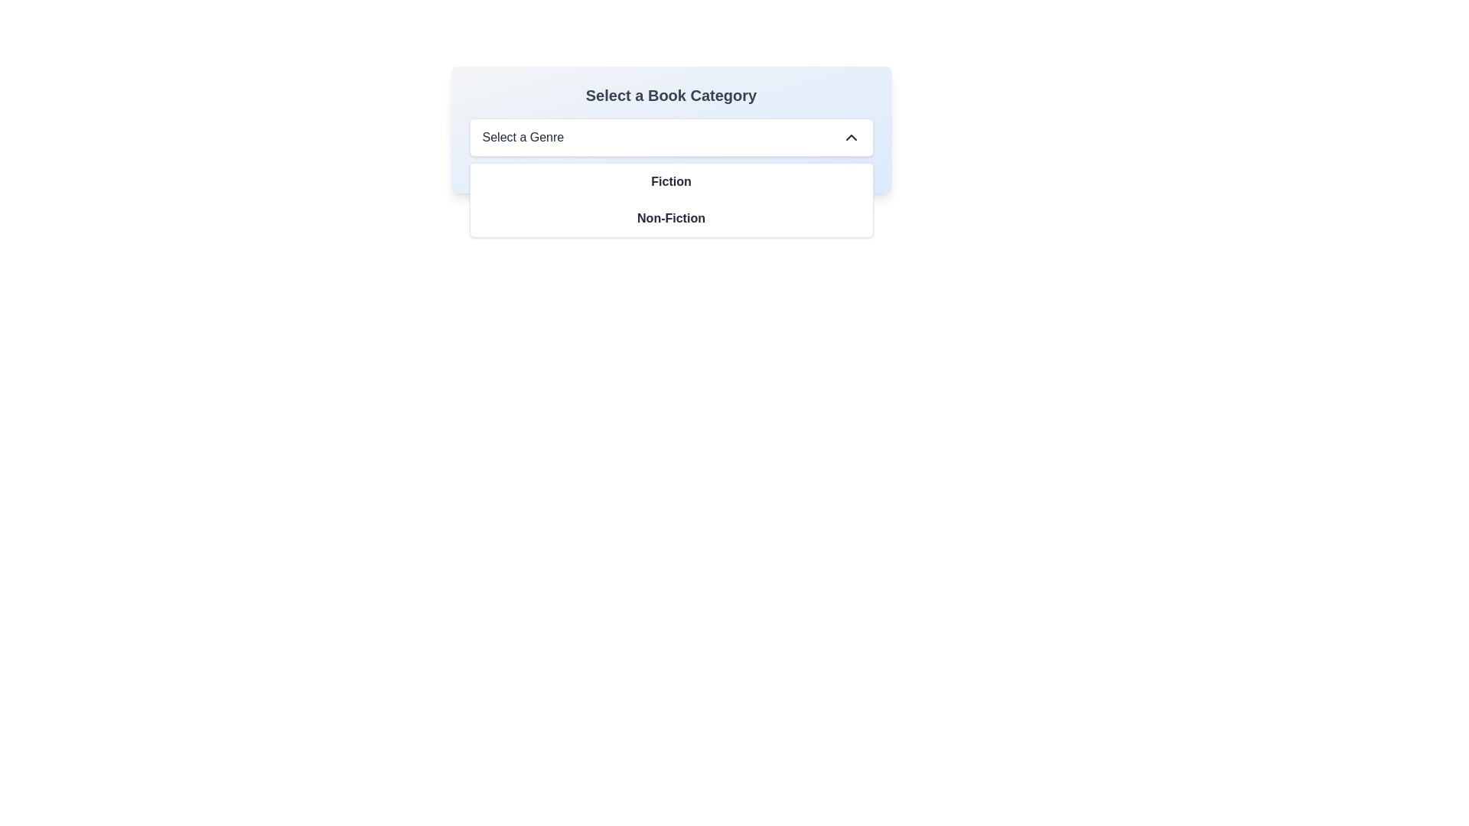 The width and height of the screenshot is (1469, 826). What do you see at coordinates (671, 200) in the screenshot?
I see `the dropdown menu that allows selecting between 'Fiction' and 'Non-Fiction' options` at bounding box center [671, 200].